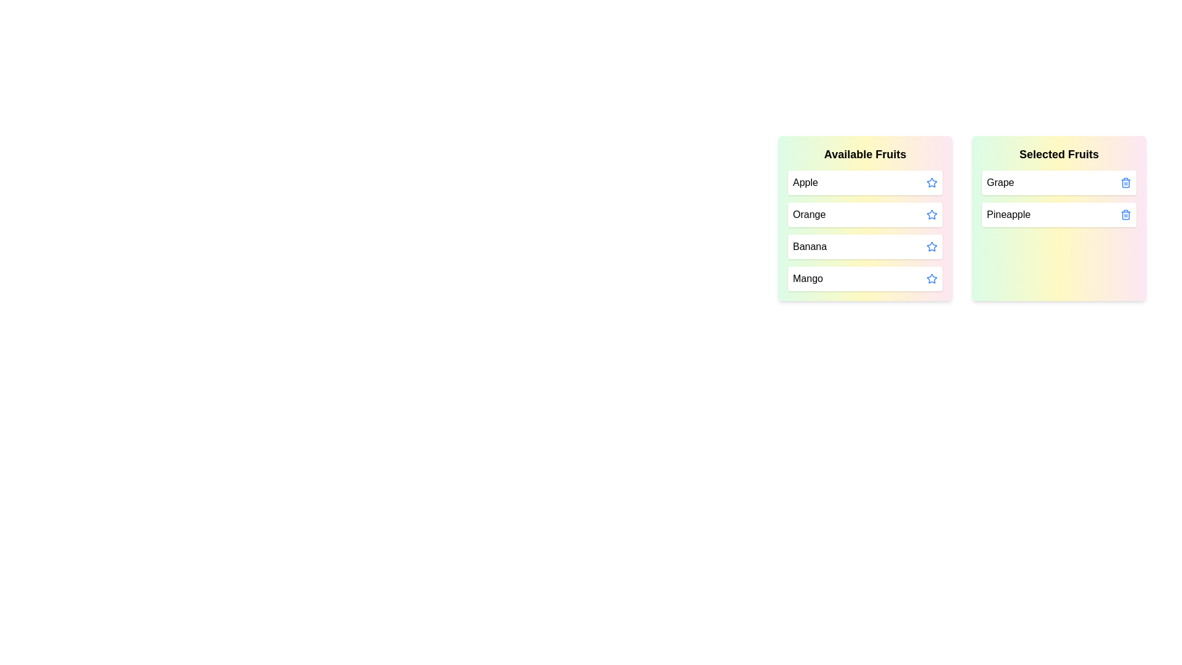 The image size is (1182, 665). What do you see at coordinates (1125, 214) in the screenshot?
I see `trash icon next to the item Pineapple in the 'Selected Fruits' list to move it back to 'Available Fruits'` at bounding box center [1125, 214].